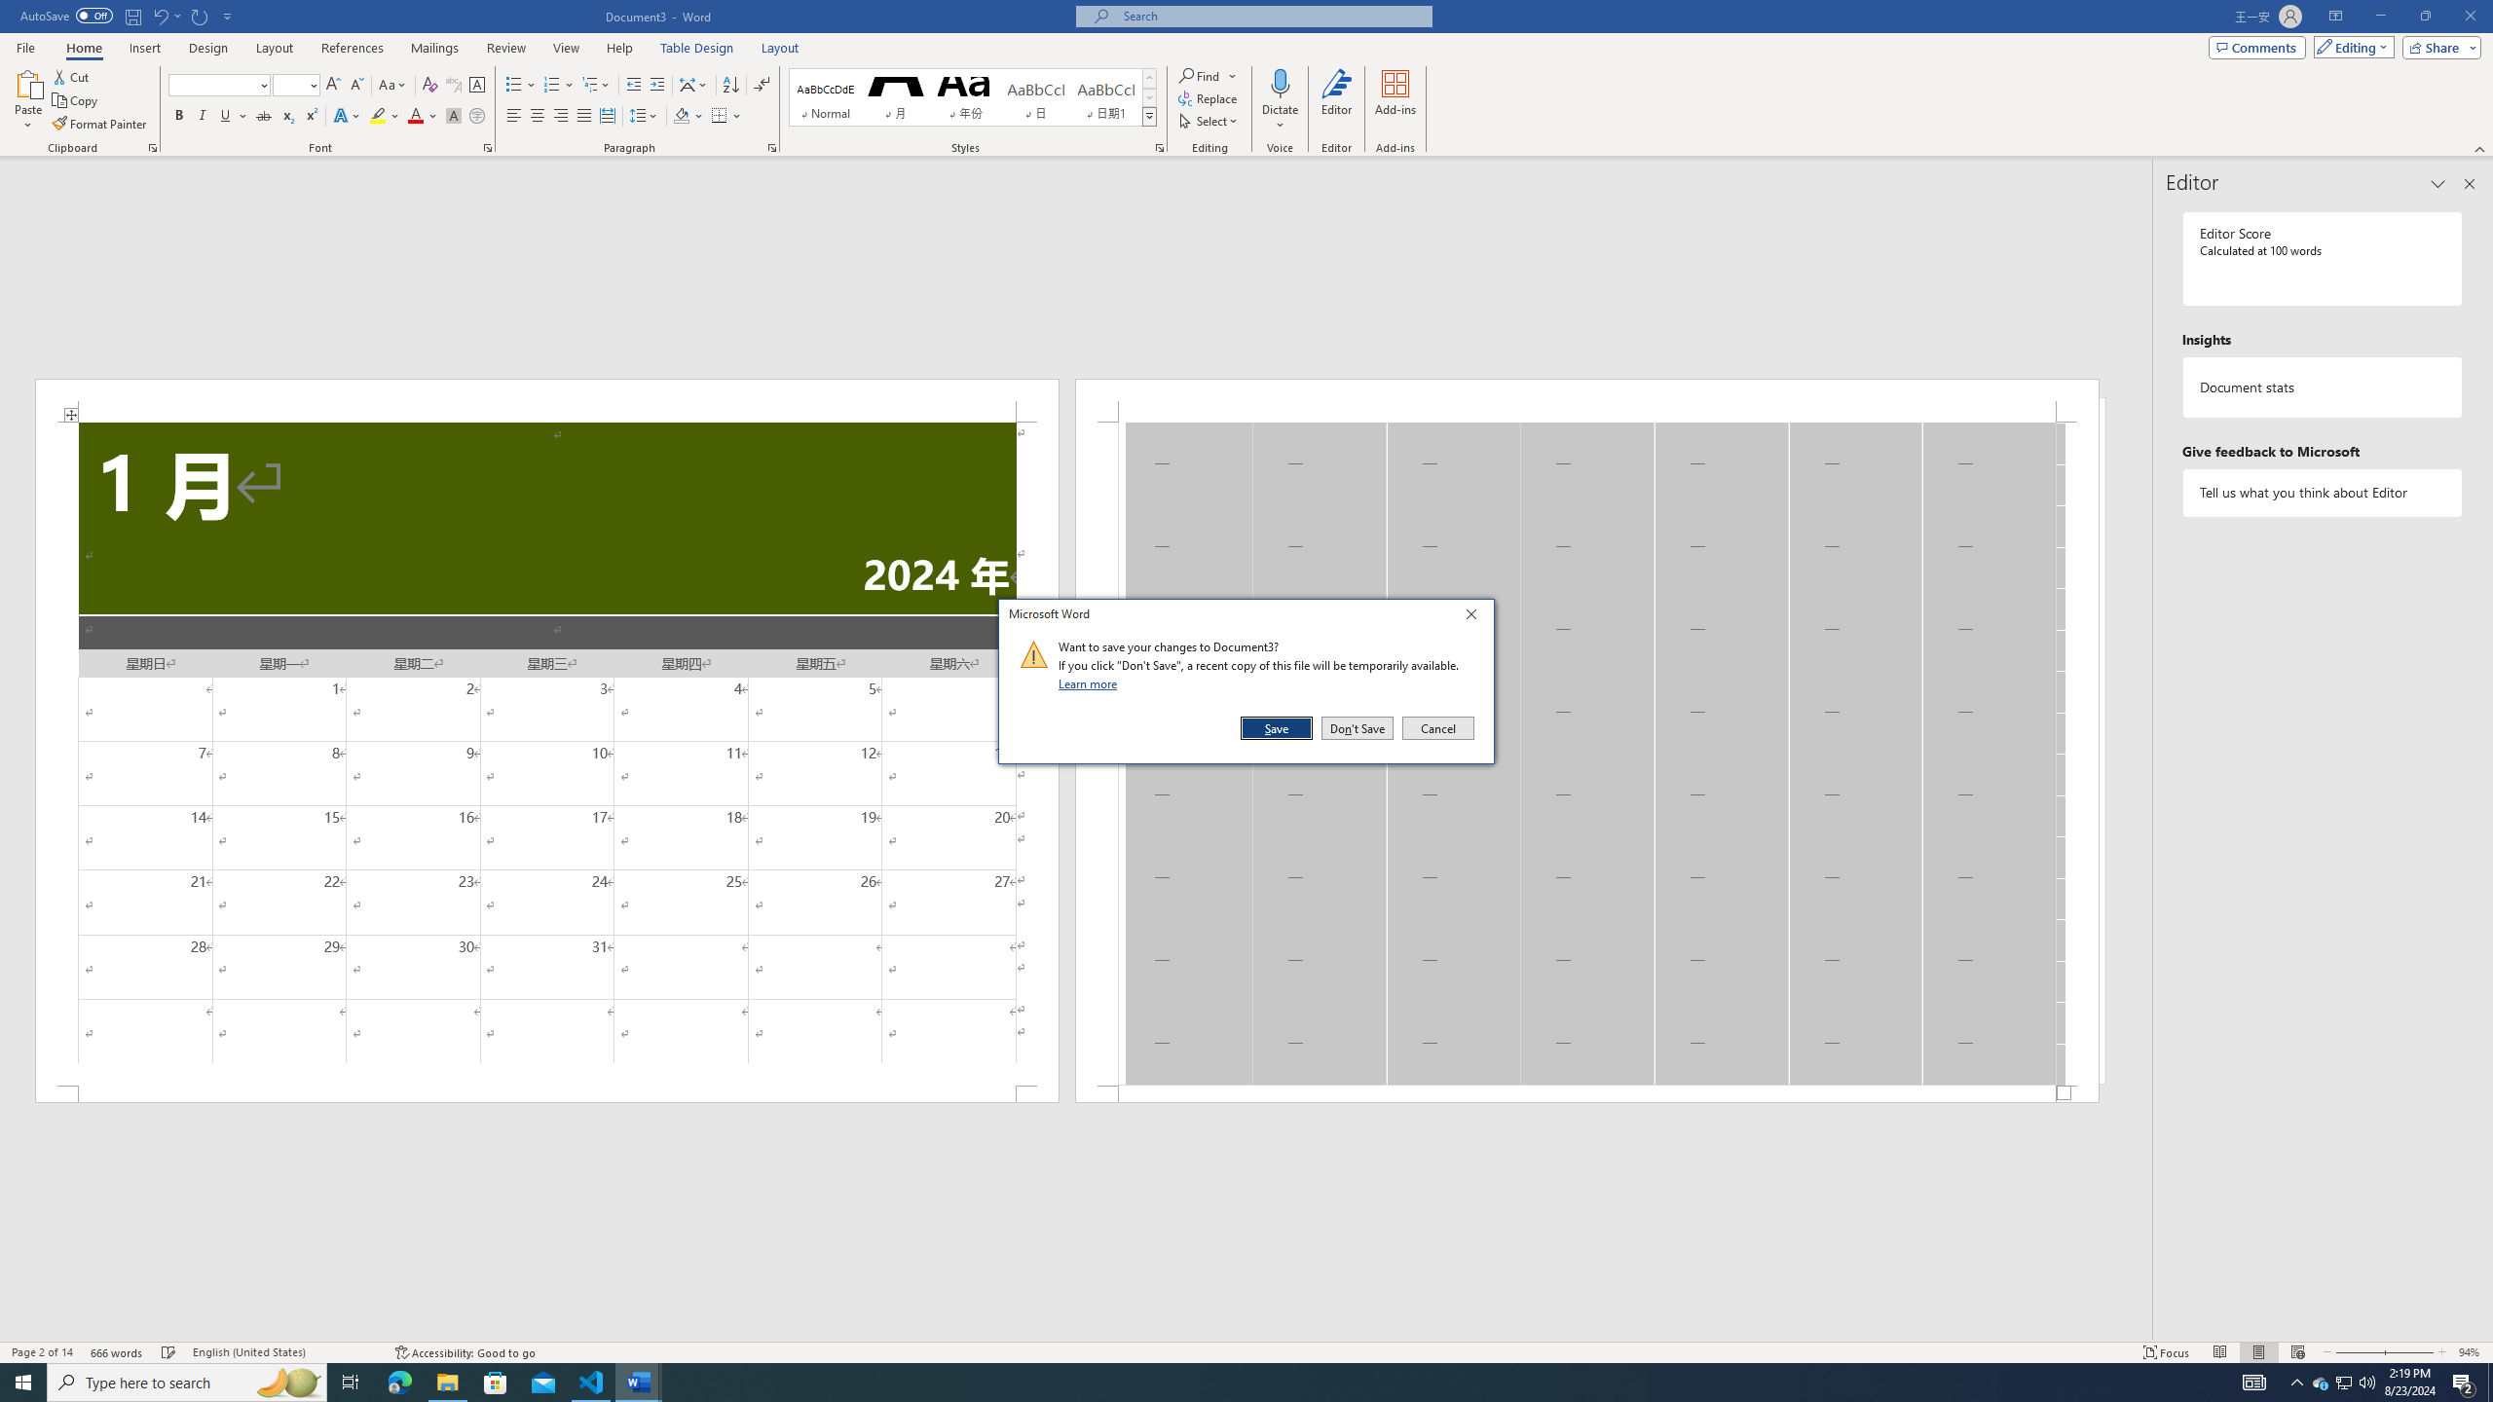 This screenshot has height=1402, width=2493. Describe the element at coordinates (1148, 115) in the screenshot. I see `'Styles'` at that location.